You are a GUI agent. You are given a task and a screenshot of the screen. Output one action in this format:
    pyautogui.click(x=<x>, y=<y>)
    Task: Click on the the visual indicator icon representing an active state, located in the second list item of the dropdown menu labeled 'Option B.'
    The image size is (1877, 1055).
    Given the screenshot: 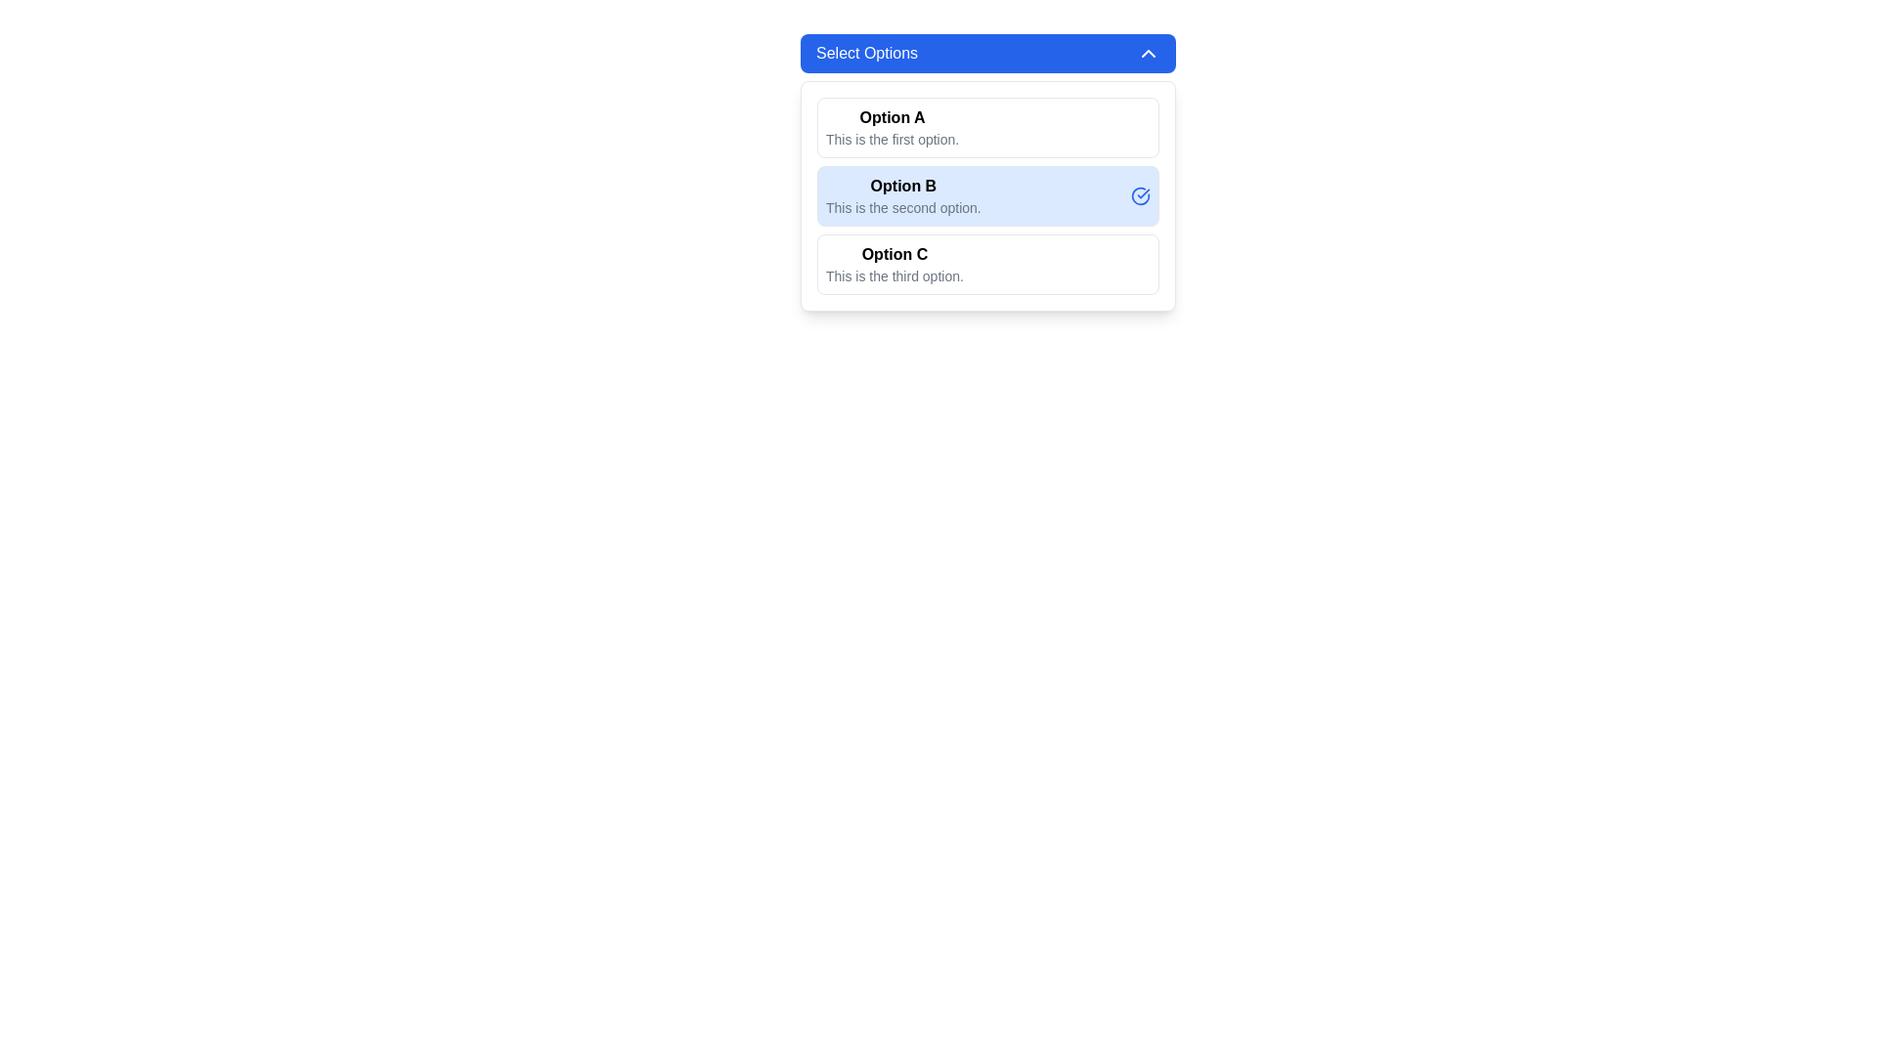 What is the action you would take?
    pyautogui.click(x=1140, y=195)
    